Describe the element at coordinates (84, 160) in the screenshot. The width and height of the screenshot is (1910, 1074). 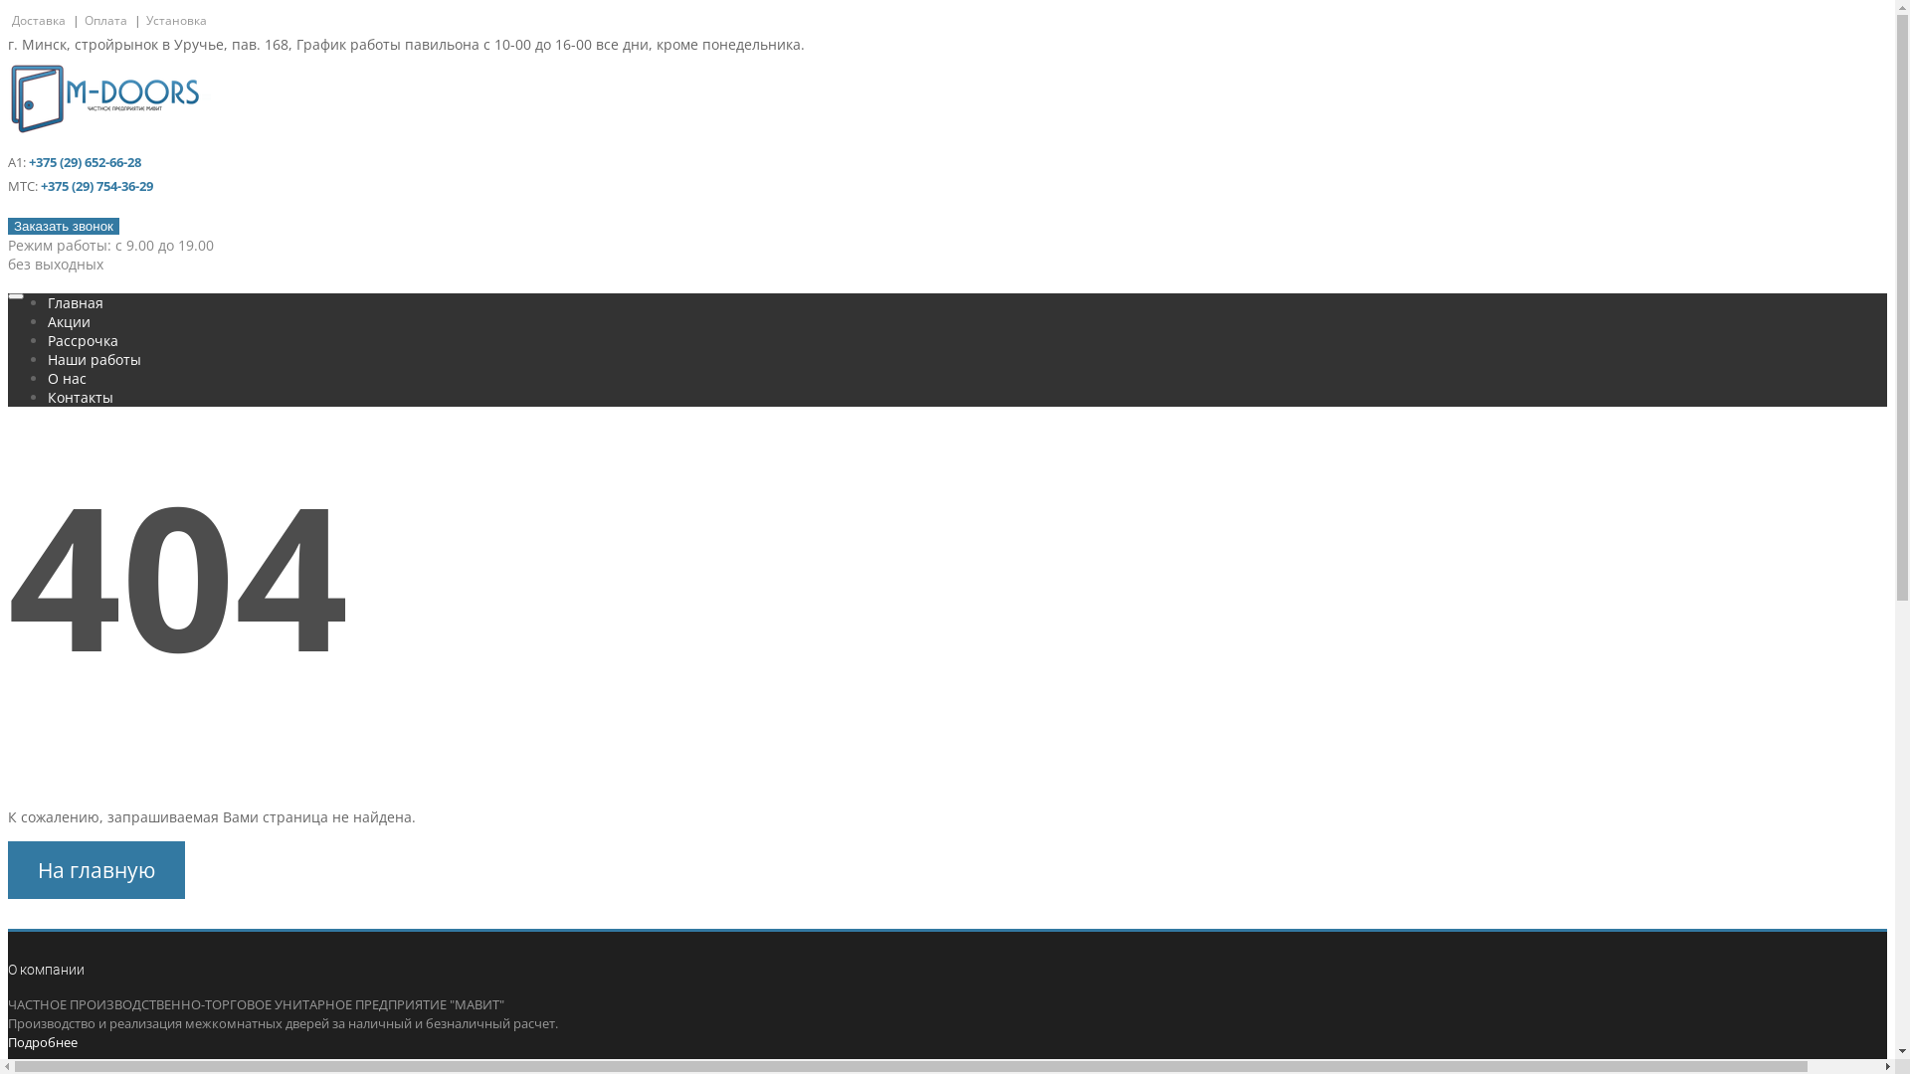
I see `'+375 (29) 652-66-28'` at that location.